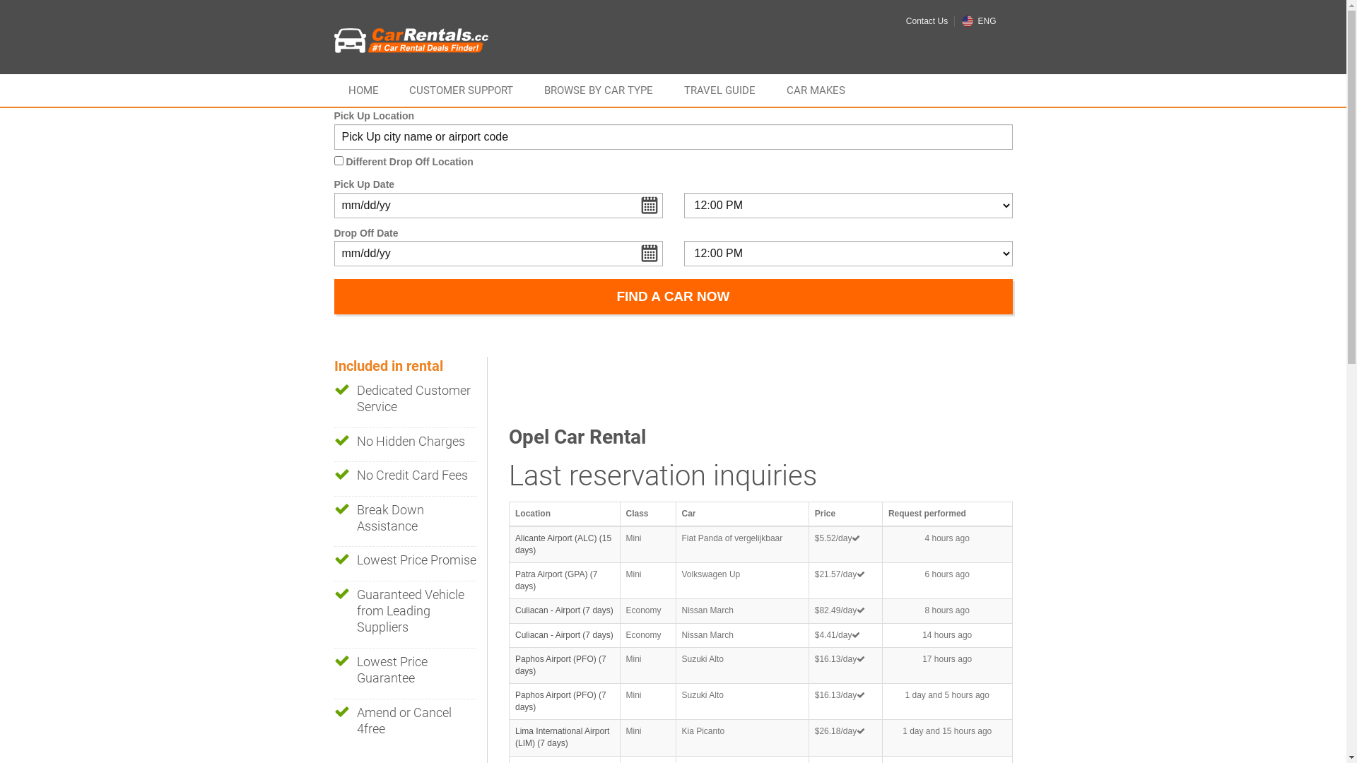  What do you see at coordinates (598, 90) in the screenshot?
I see `'BROWSE BY CAR TYPE'` at bounding box center [598, 90].